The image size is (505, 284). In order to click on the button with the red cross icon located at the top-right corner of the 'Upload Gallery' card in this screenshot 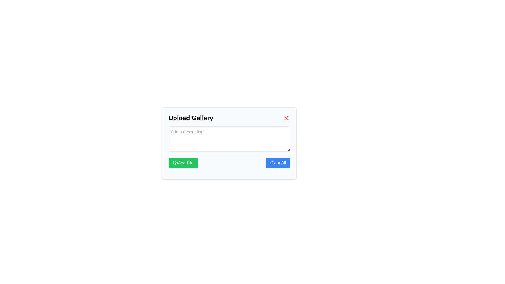, I will do `click(286, 118)`.